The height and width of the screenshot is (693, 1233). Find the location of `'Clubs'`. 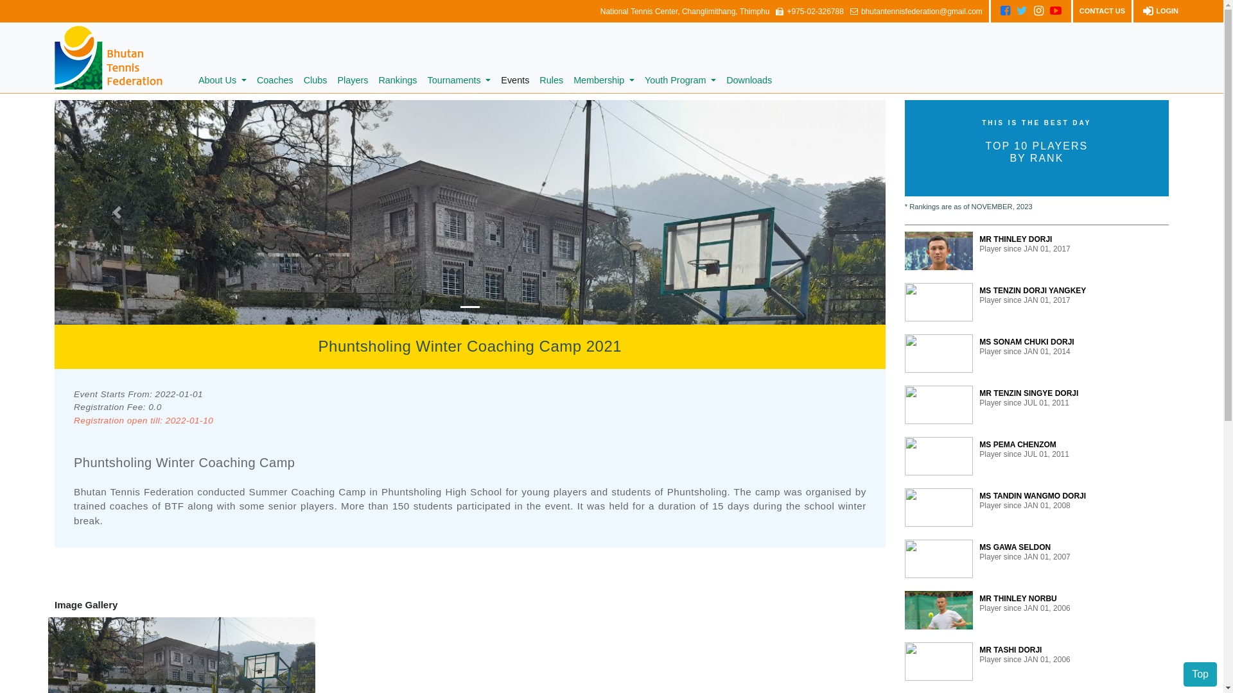

'Clubs' is located at coordinates (298, 81).